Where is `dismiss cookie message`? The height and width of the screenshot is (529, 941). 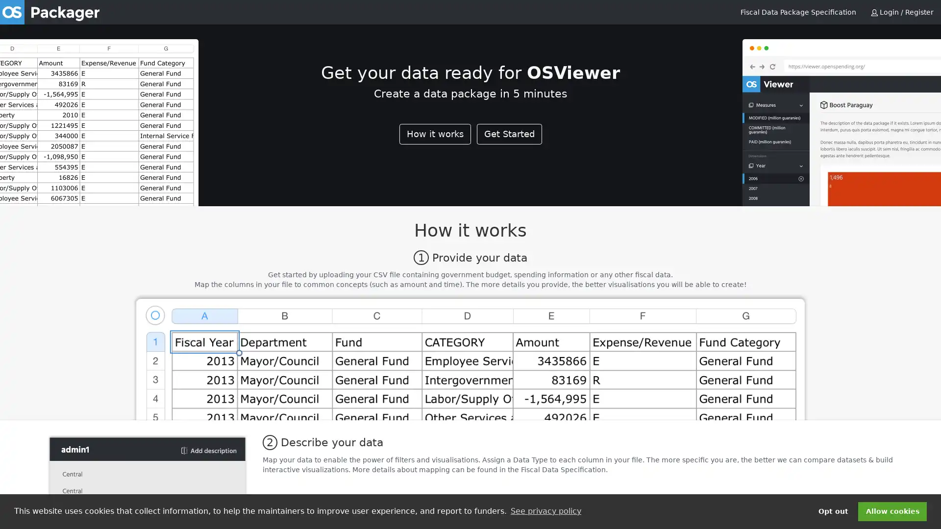
dismiss cookie message is located at coordinates (892, 511).